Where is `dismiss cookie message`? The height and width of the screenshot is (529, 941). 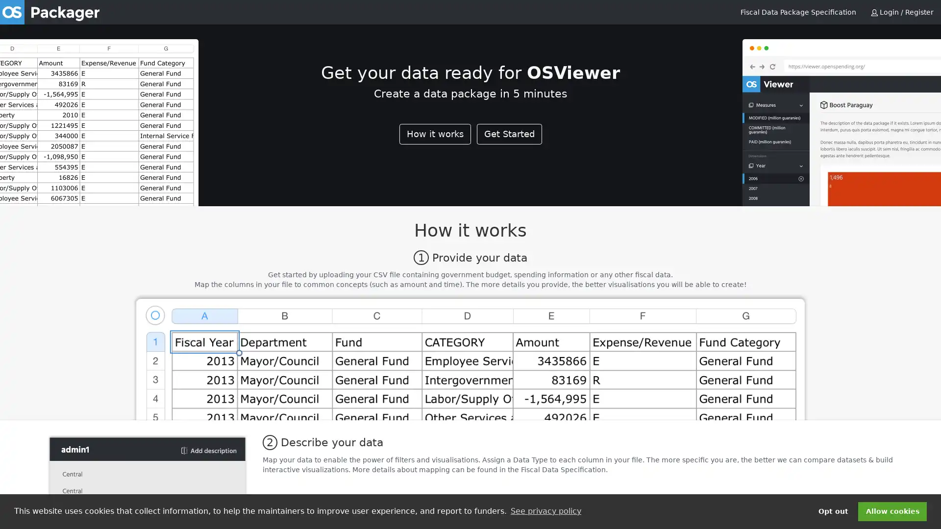
dismiss cookie message is located at coordinates (892, 511).